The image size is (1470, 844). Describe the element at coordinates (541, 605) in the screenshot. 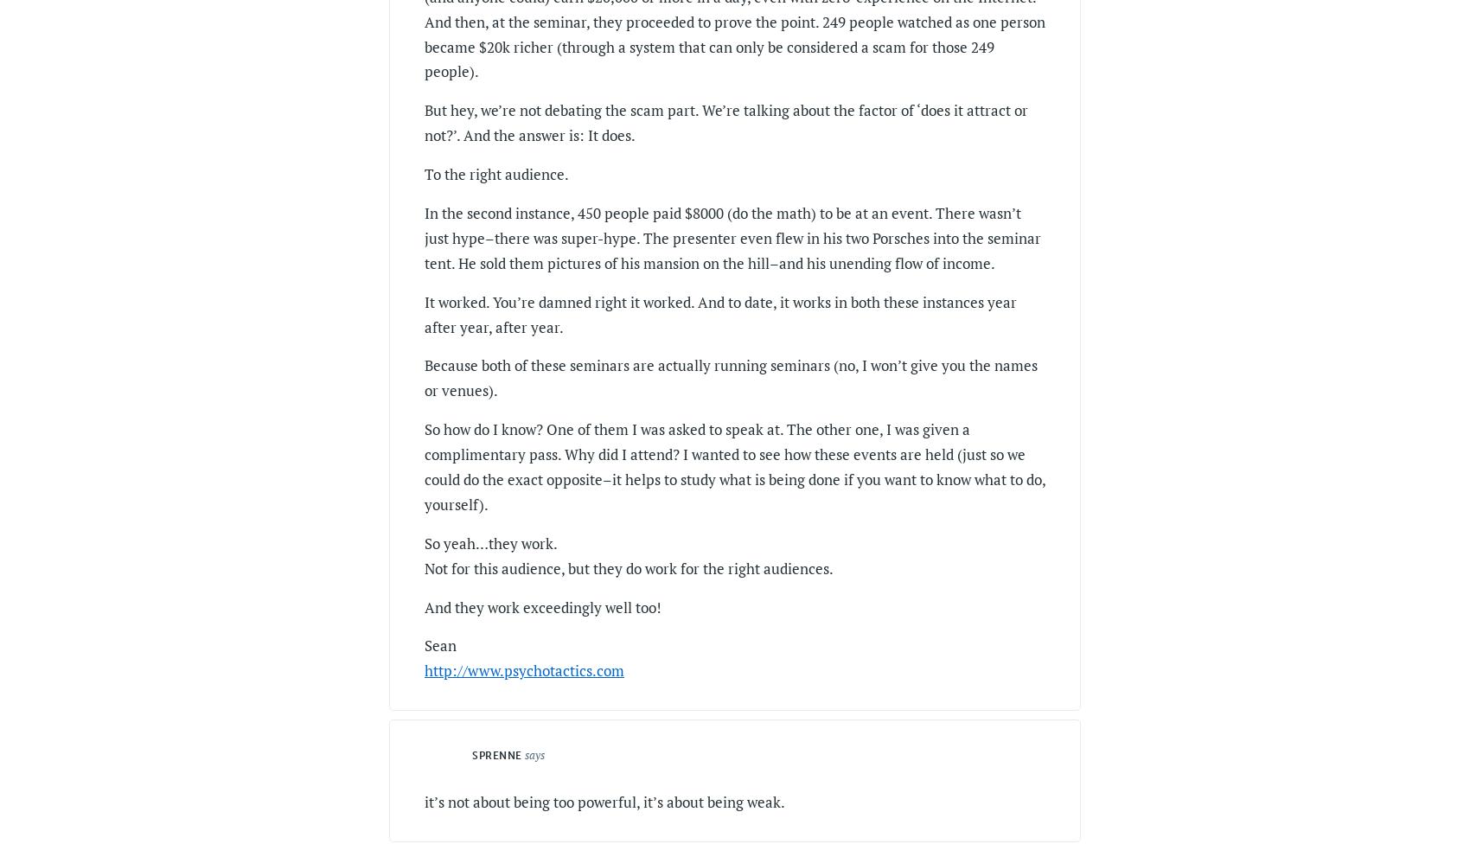

I see `'And they work exceedingly well too!'` at that location.